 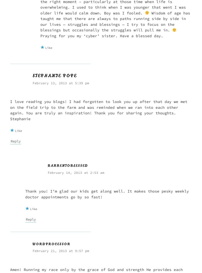 I want to click on 'Praying for you my ‘cyber’ sister. Have a blessed day.', so click(x=40, y=35).